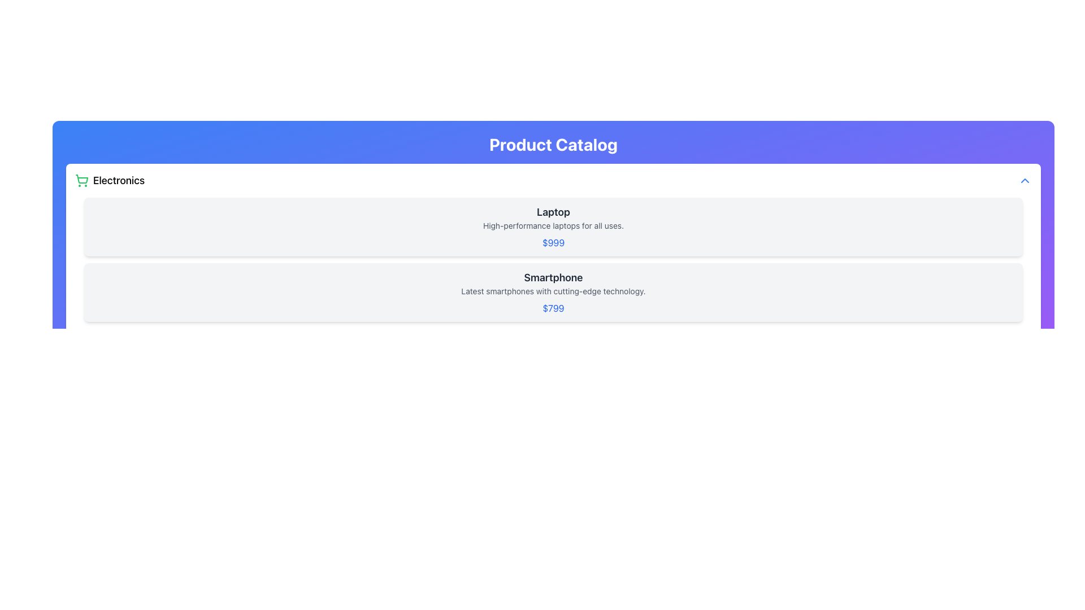 The height and width of the screenshot is (610, 1085). What do you see at coordinates (553, 143) in the screenshot?
I see `the large, bold text label reading 'Product Catalog' at the top of the section` at bounding box center [553, 143].